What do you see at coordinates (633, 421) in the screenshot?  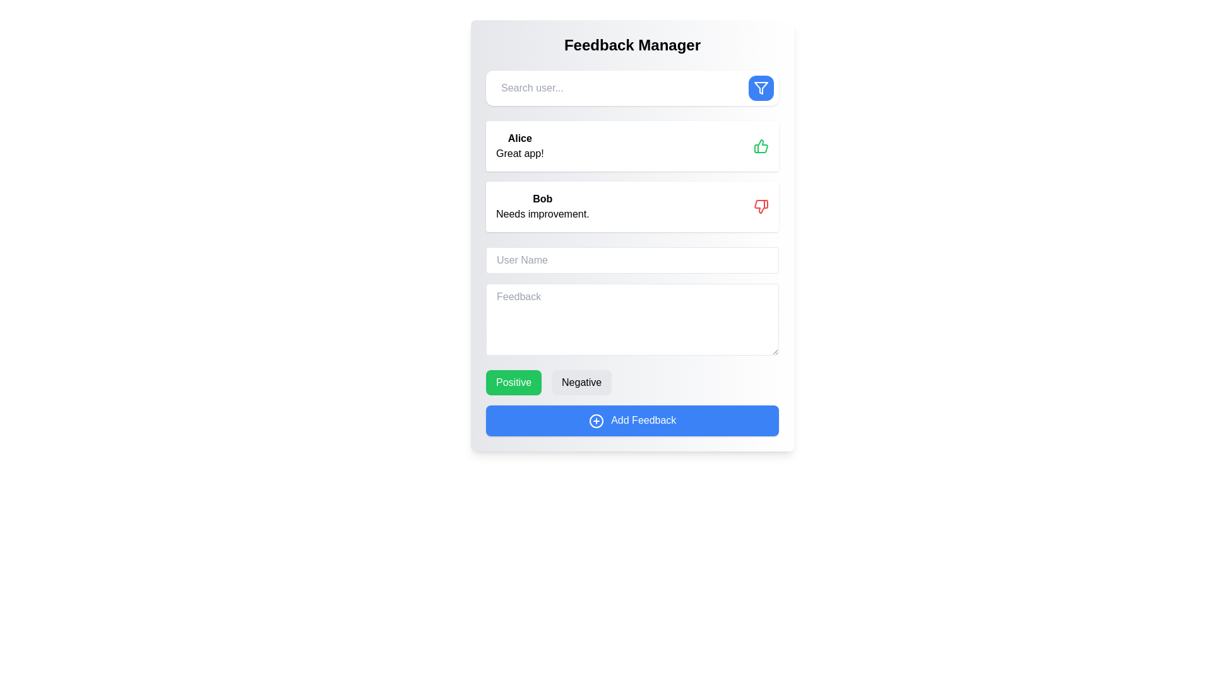 I see `the feedback submission button located at the bottom of the form, directly beneath the Positive and Negative buttons` at bounding box center [633, 421].